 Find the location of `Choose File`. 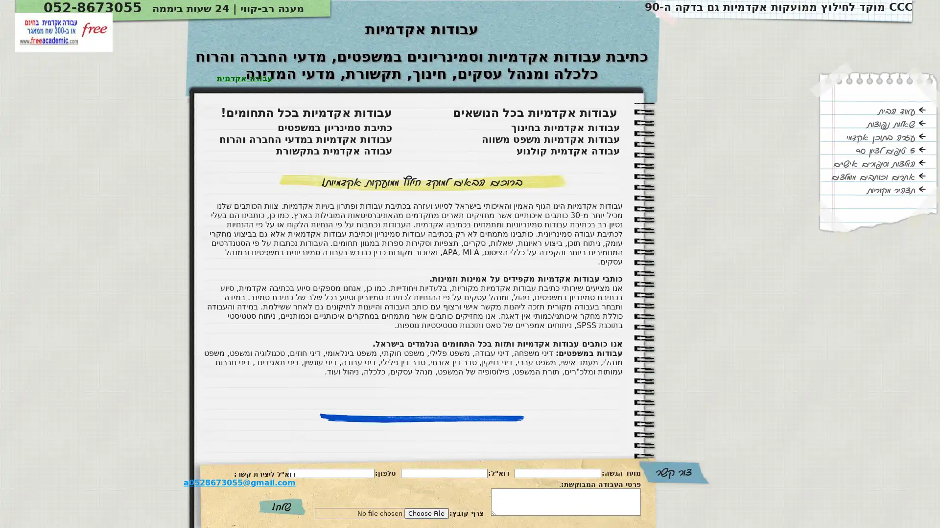

Choose File is located at coordinates (426, 513).